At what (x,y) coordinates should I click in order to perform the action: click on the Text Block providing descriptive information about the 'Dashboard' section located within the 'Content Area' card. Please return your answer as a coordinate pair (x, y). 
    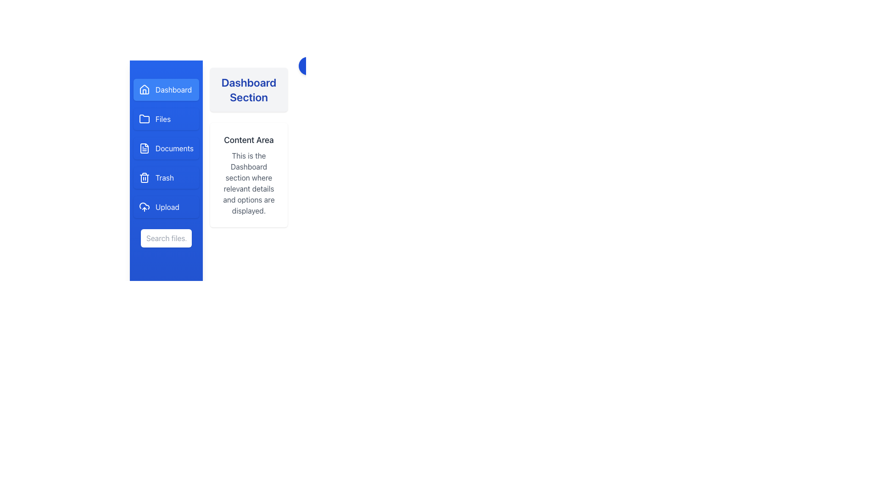
    Looking at the image, I should click on (249, 183).